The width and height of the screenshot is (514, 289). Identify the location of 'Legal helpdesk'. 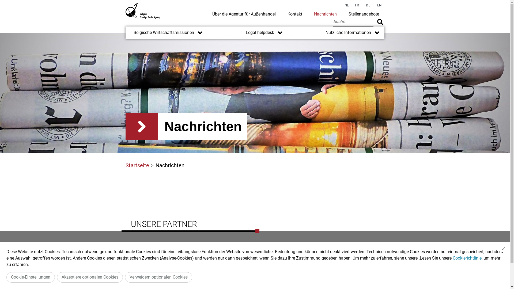
(255, 33).